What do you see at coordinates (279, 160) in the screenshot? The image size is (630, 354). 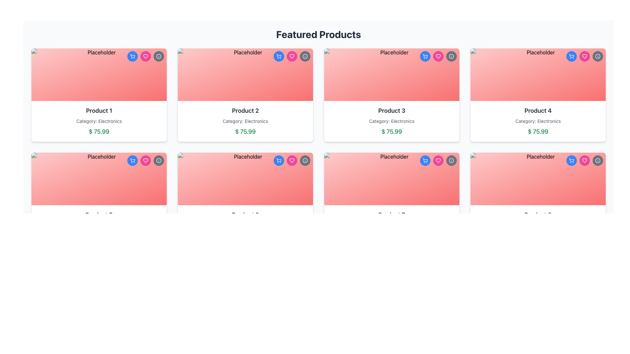 I see `the leftmost circular button with a blue background and a shopping cart icon located in the top-right corner of the product tile` at bounding box center [279, 160].